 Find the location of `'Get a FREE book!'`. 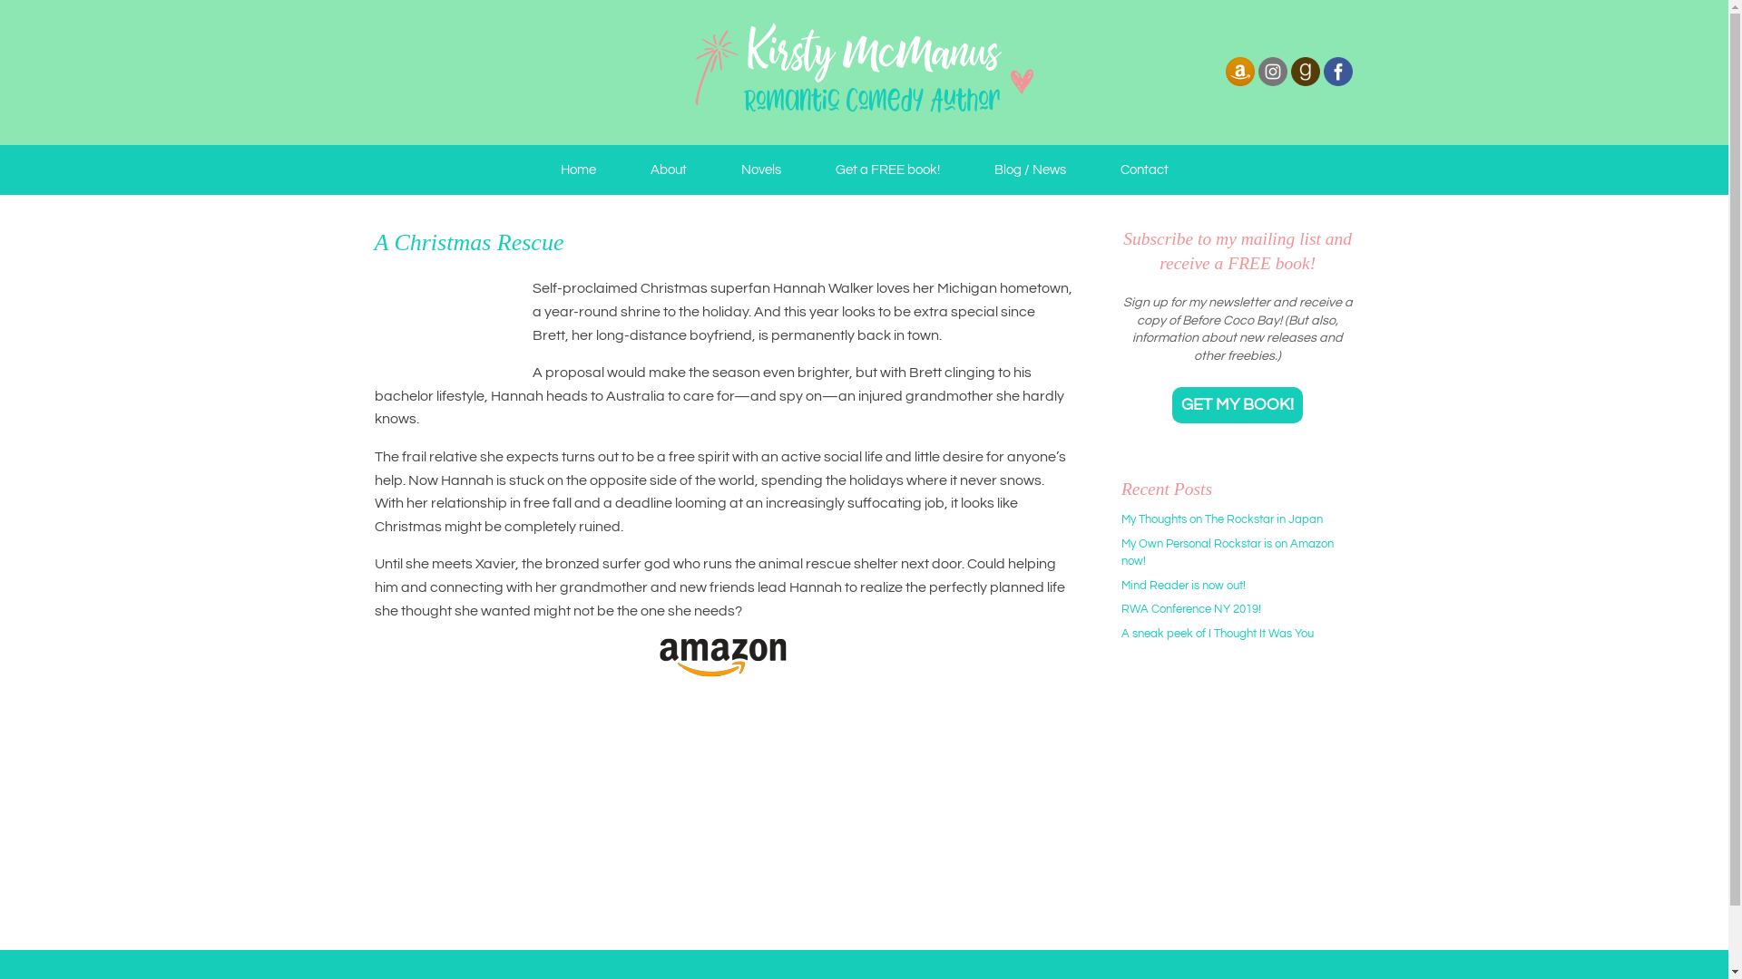

'Get a FREE book!' is located at coordinates (886, 170).